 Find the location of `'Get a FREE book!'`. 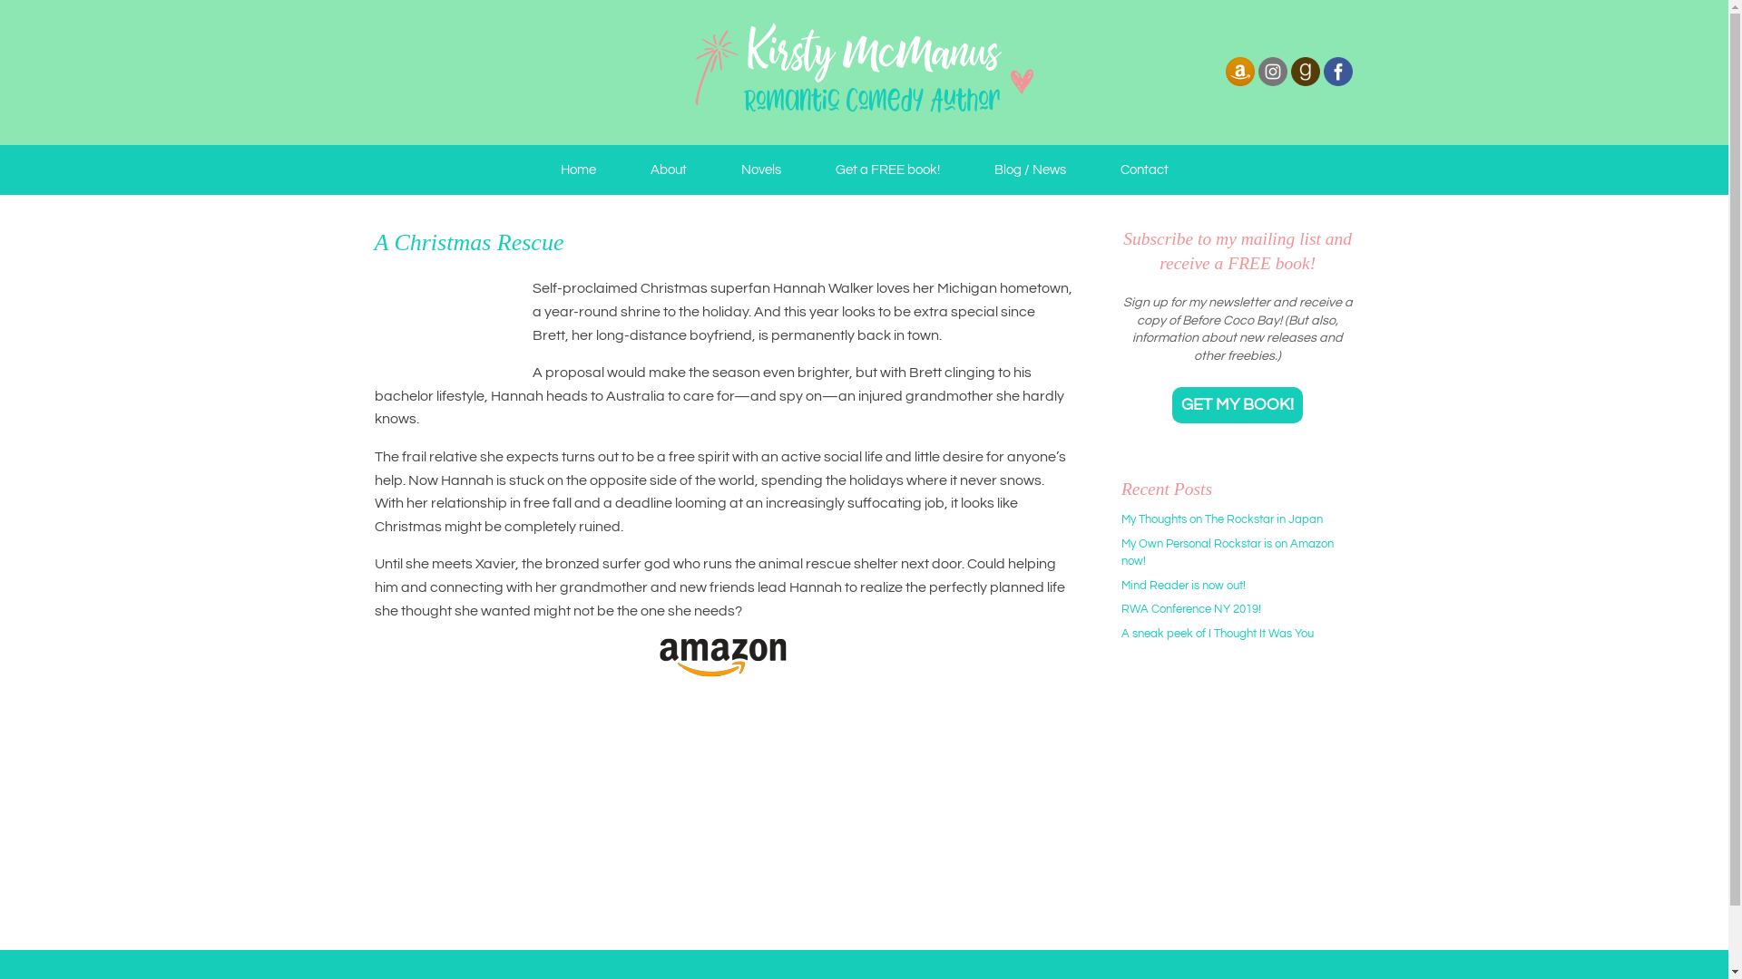

'Get a FREE book!' is located at coordinates (886, 170).